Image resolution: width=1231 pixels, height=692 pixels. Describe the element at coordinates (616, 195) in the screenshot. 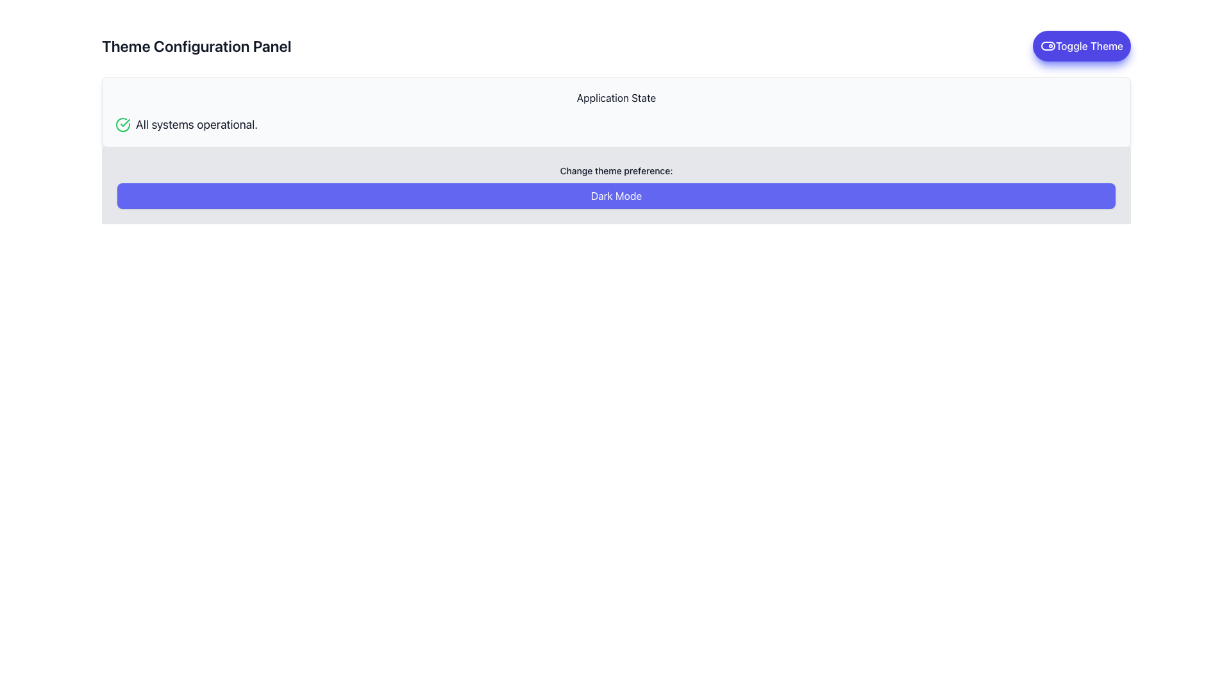

I see `the theme toggle button located below the 'Change theme preference:' text` at that location.